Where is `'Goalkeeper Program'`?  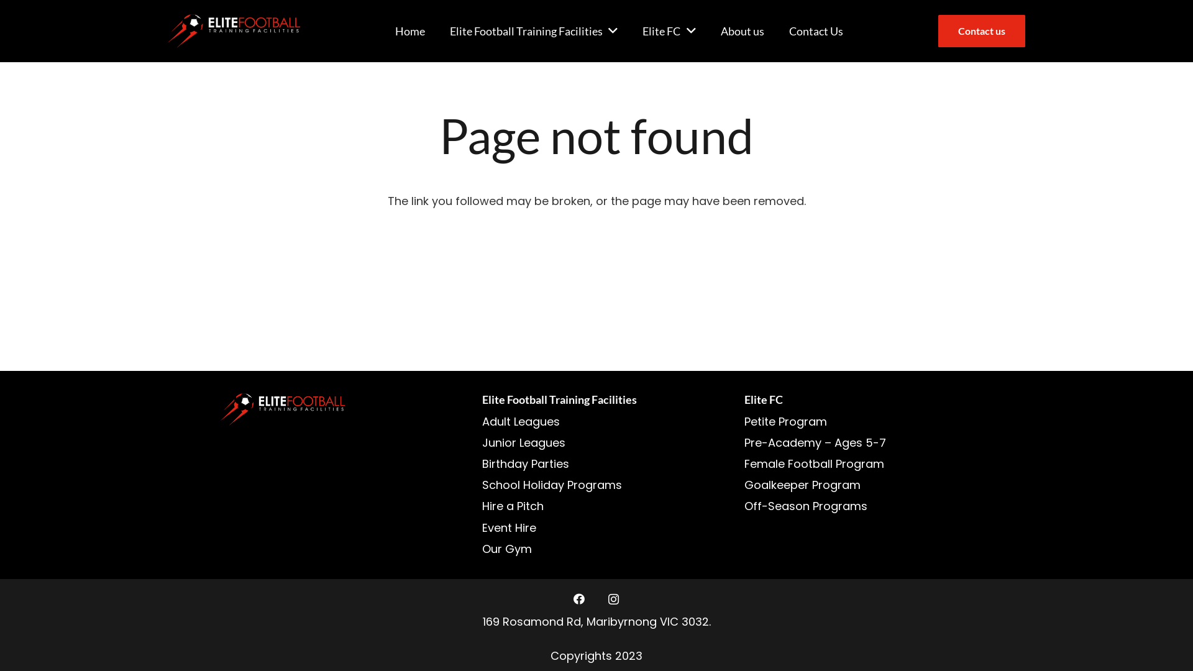
'Goalkeeper Program' is located at coordinates (744, 484).